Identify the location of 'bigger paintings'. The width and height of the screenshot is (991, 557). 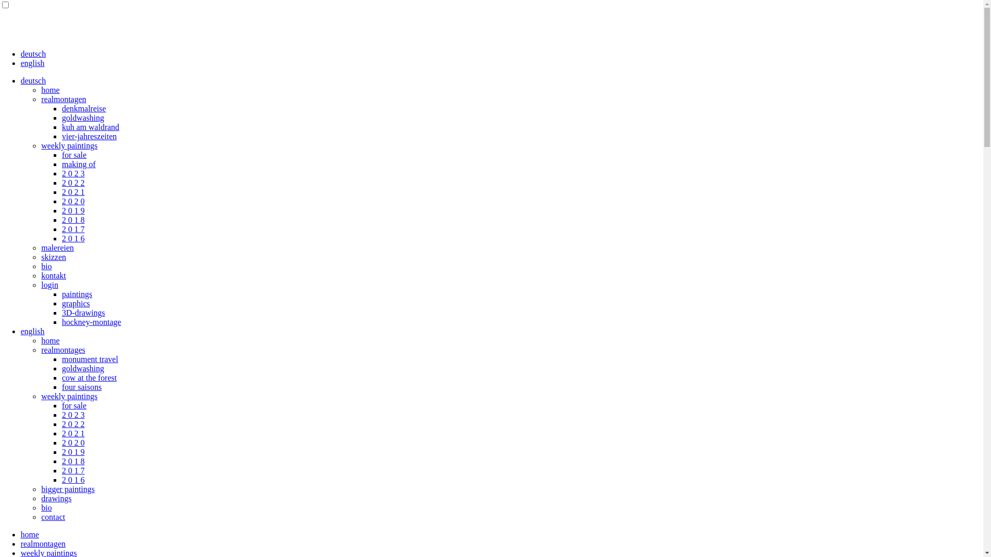
(68, 488).